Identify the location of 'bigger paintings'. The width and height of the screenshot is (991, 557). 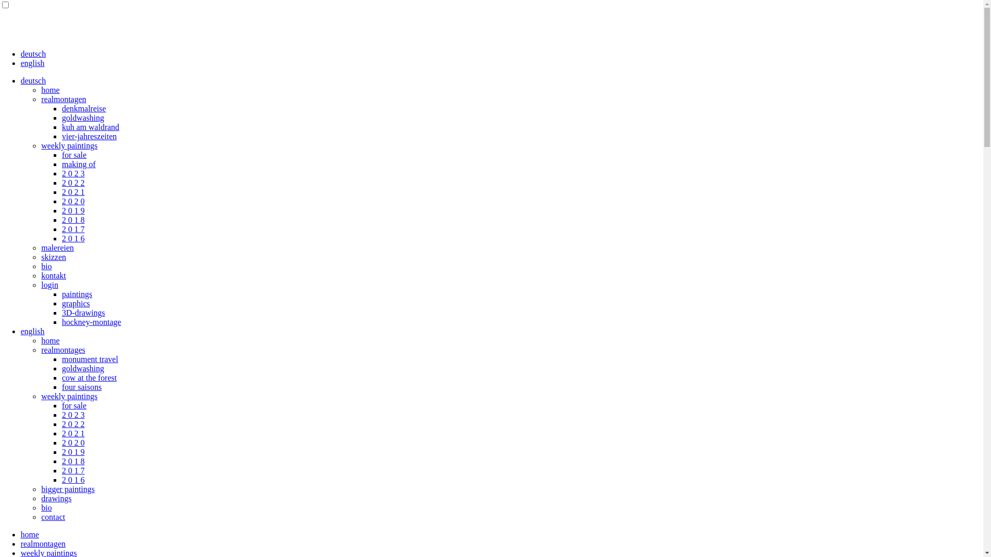
(68, 488).